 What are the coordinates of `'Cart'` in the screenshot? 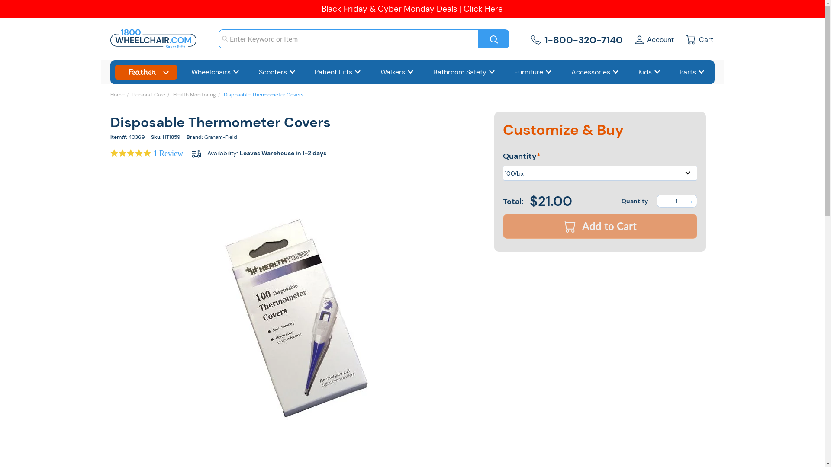 It's located at (700, 40).